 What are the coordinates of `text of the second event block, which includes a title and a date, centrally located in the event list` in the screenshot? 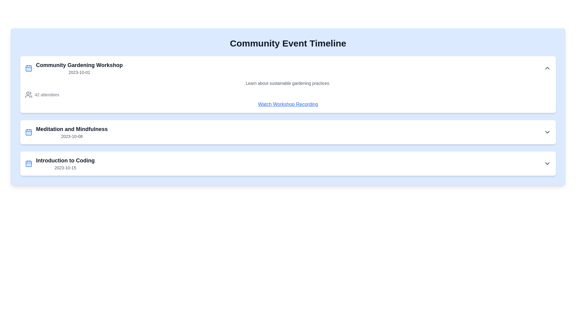 It's located at (72, 132).